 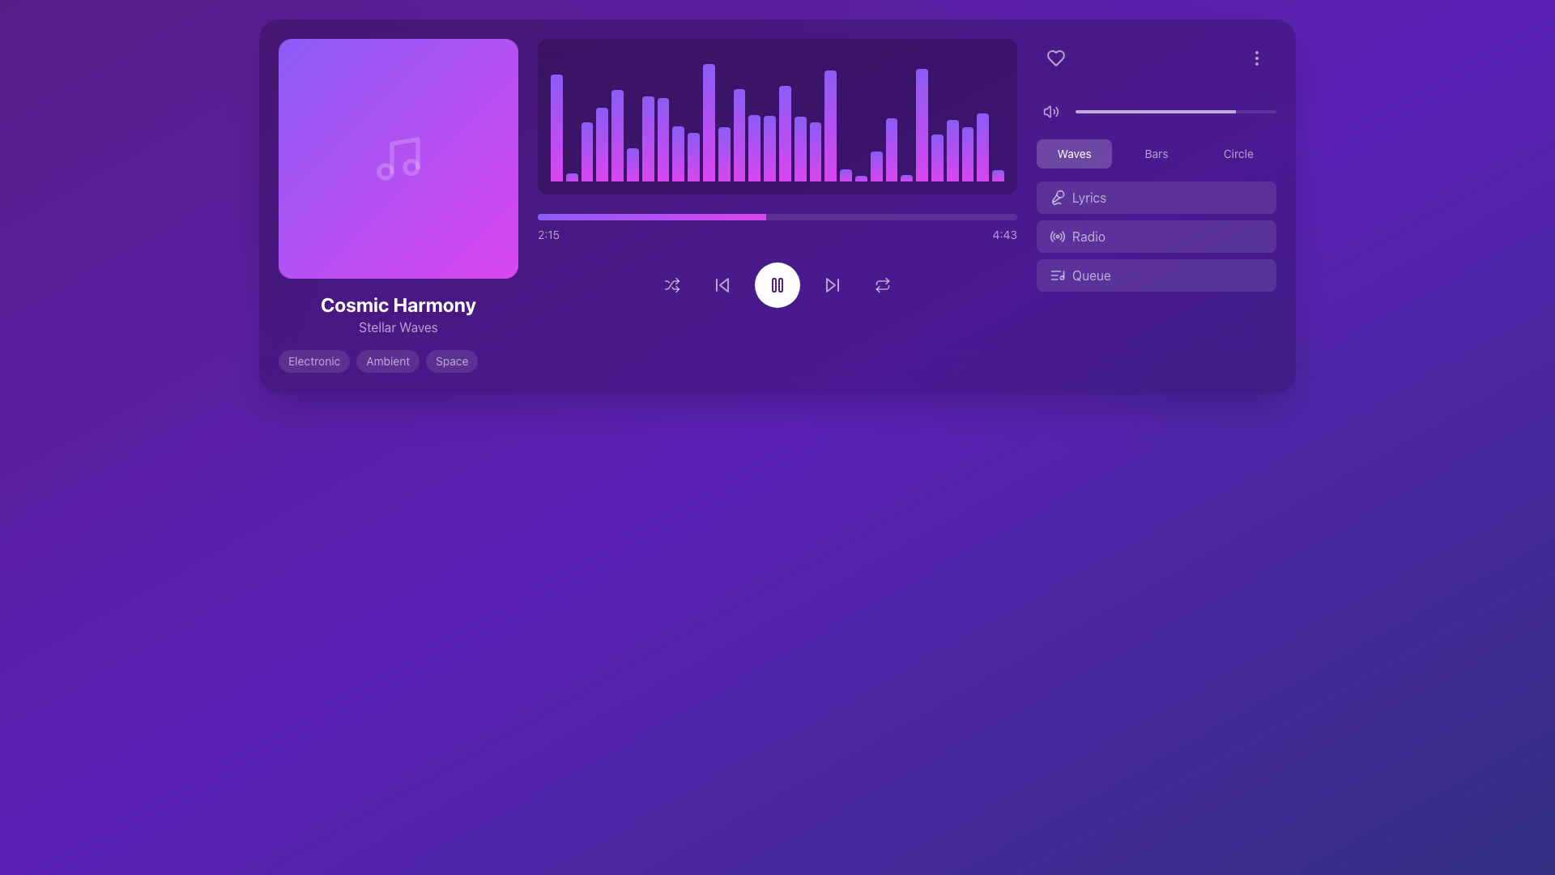 I want to click on the first button in the vertical list on the right side of the interface, so click(x=1156, y=196).